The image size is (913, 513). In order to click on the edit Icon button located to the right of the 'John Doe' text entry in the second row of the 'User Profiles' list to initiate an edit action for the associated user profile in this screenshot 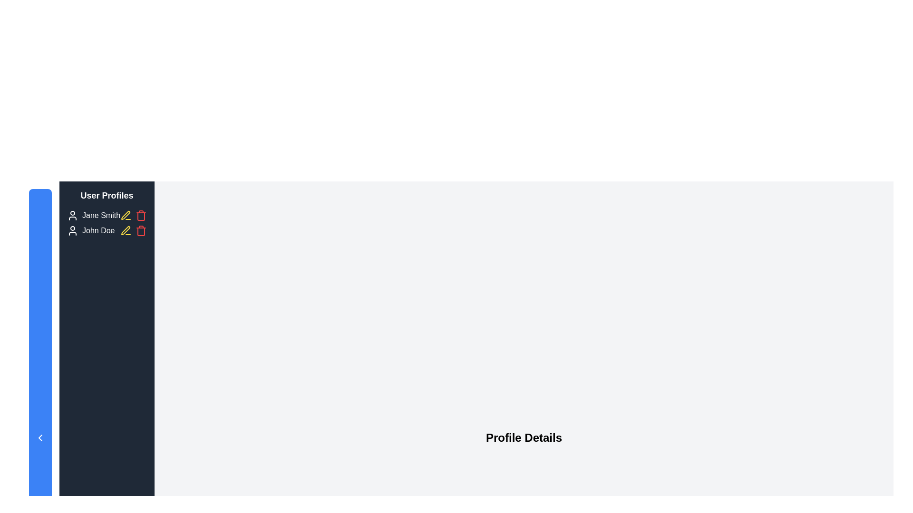, I will do `click(125, 231)`.